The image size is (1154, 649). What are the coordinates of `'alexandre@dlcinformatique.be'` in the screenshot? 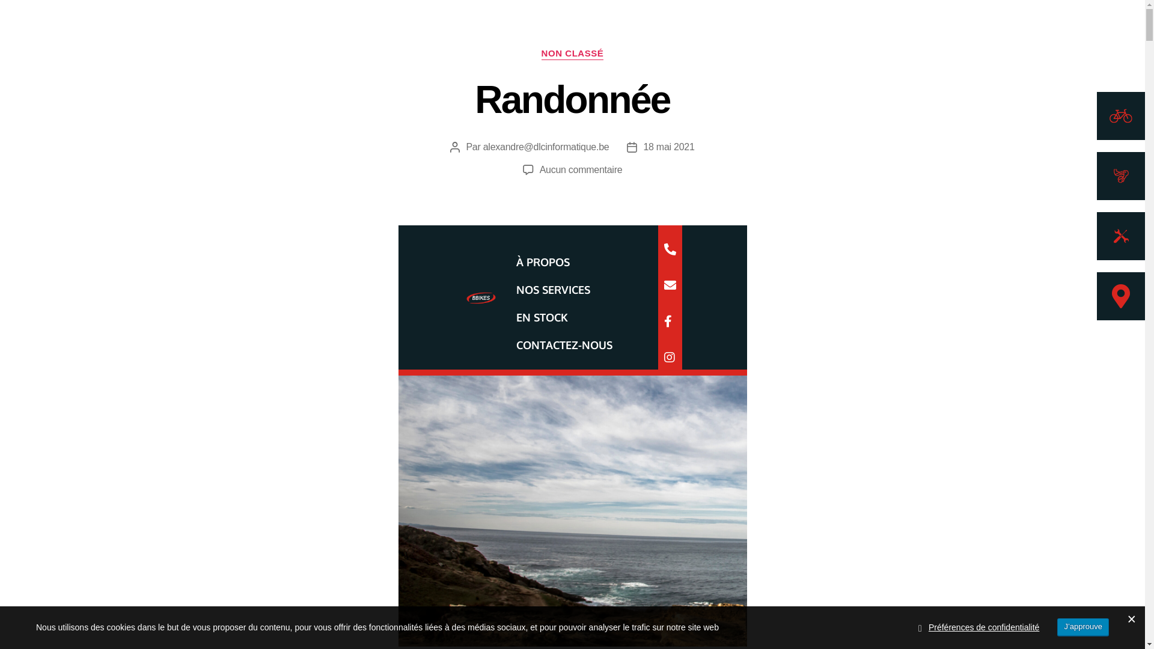 It's located at (545, 146).